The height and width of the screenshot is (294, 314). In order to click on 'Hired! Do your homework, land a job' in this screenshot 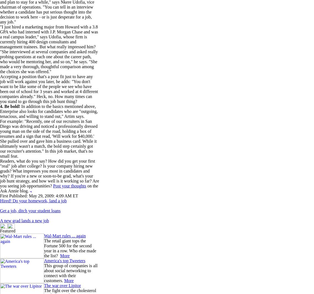, I will do `click(33, 201)`.